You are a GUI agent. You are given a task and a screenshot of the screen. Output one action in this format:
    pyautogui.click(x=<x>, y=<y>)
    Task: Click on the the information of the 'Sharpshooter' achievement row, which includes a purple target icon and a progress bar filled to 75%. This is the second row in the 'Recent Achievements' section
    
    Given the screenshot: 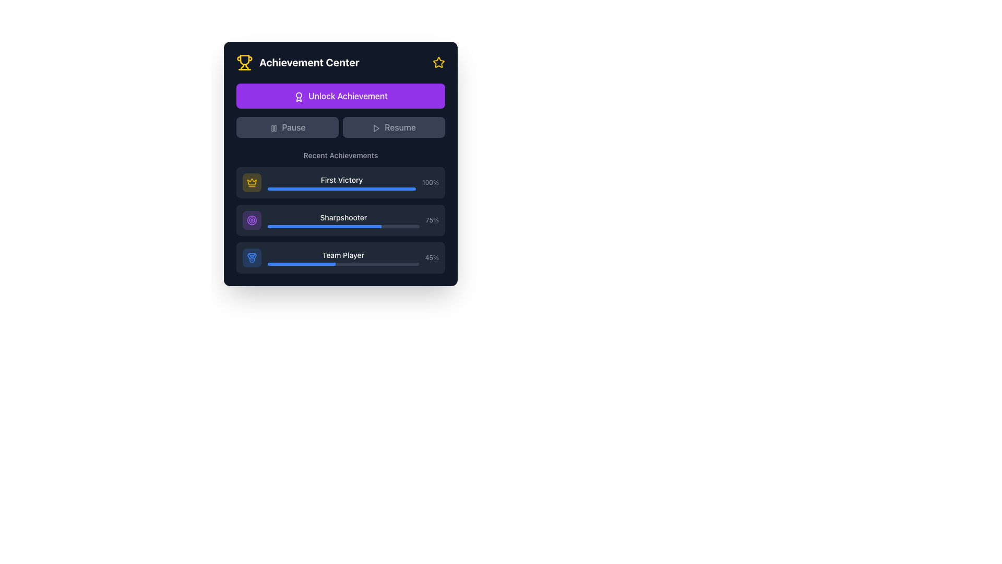 What is the action you would take?
    pyautogui.click(x=340, y=219)
    